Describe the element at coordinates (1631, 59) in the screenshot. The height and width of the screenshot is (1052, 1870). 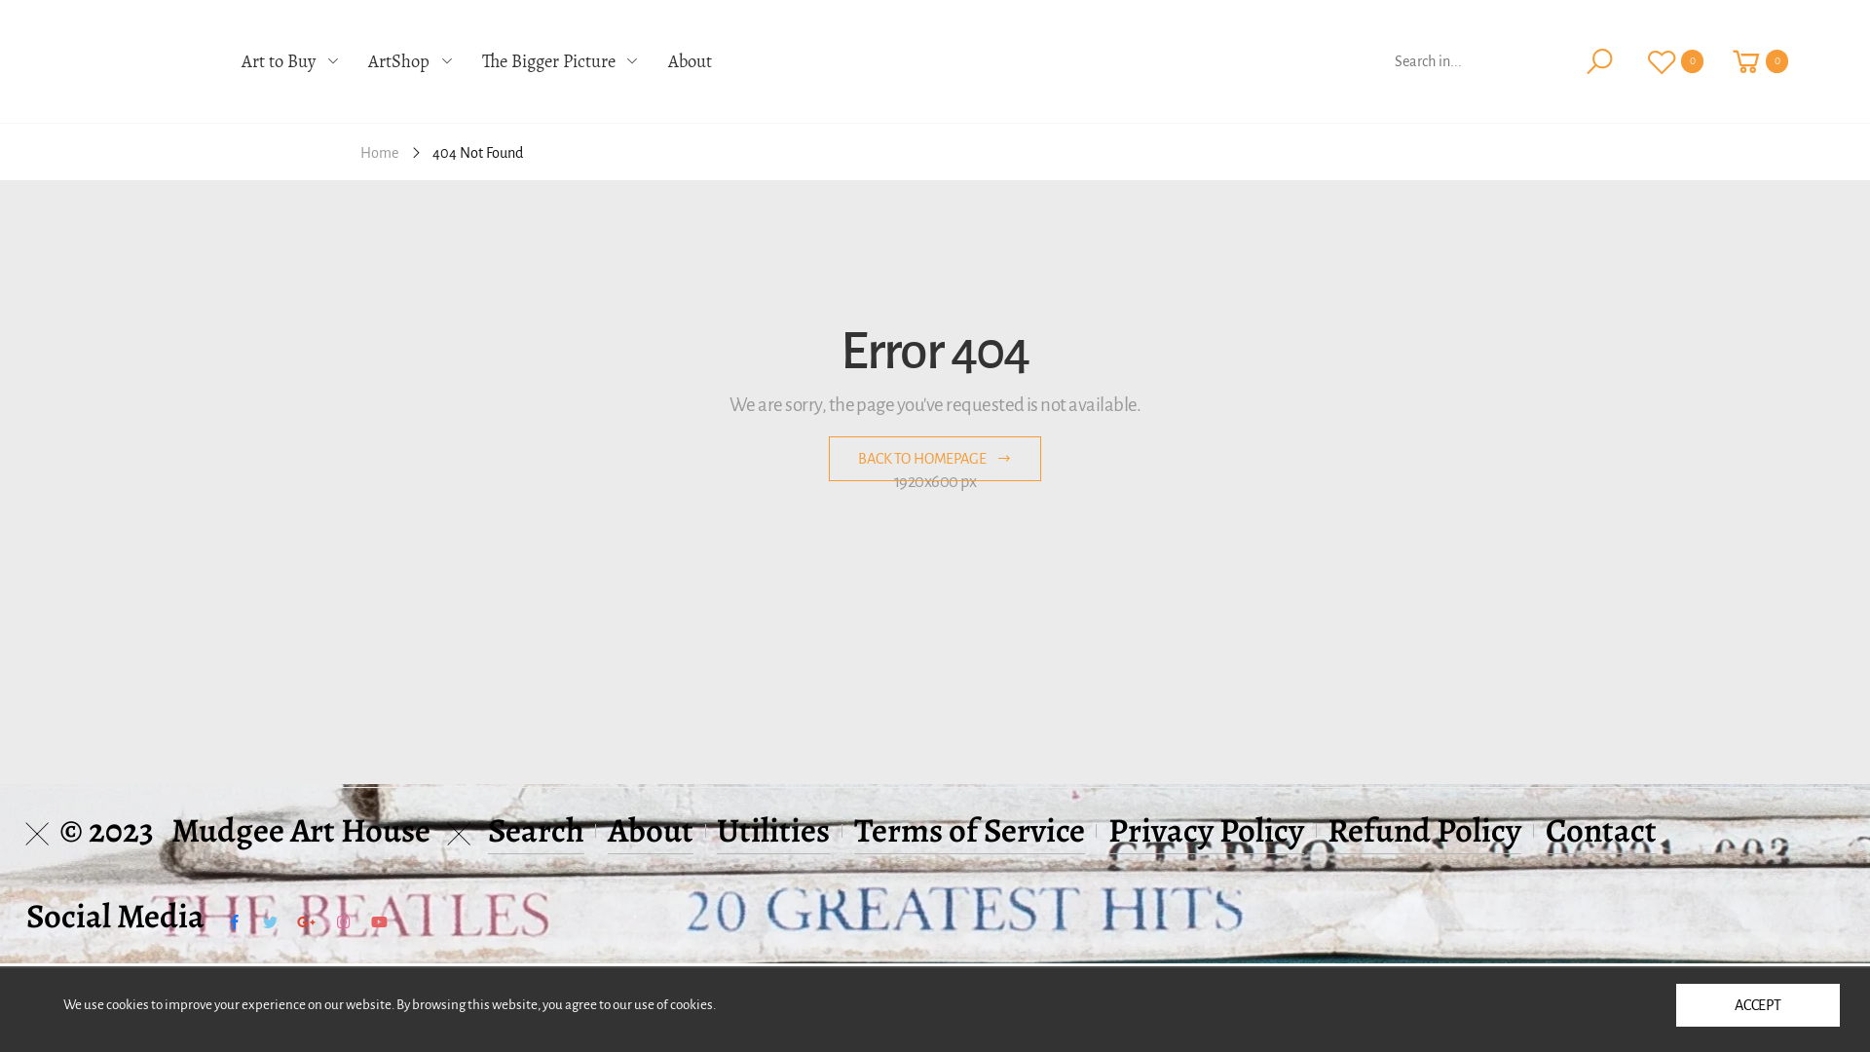
I see `'0'` at that location.